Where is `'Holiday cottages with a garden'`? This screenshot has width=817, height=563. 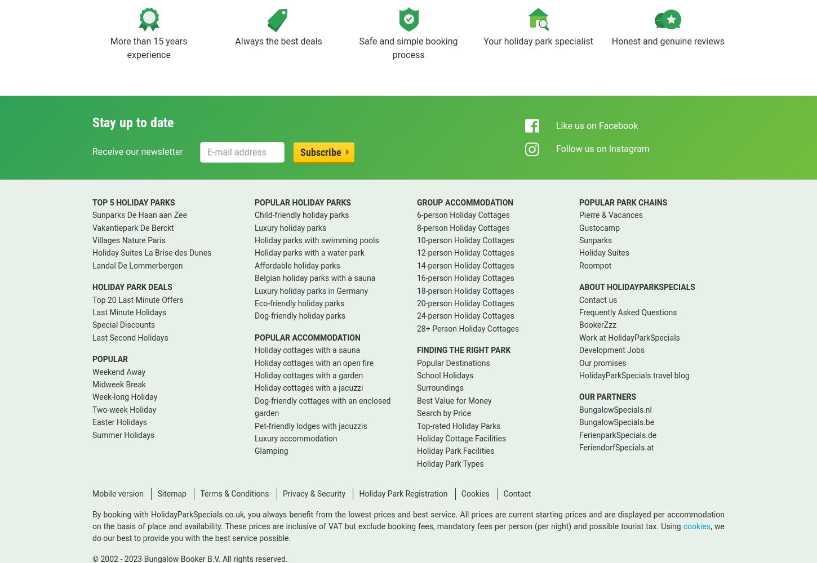
'Holiday cottages with a garden' is located at coordinates (308, 375).